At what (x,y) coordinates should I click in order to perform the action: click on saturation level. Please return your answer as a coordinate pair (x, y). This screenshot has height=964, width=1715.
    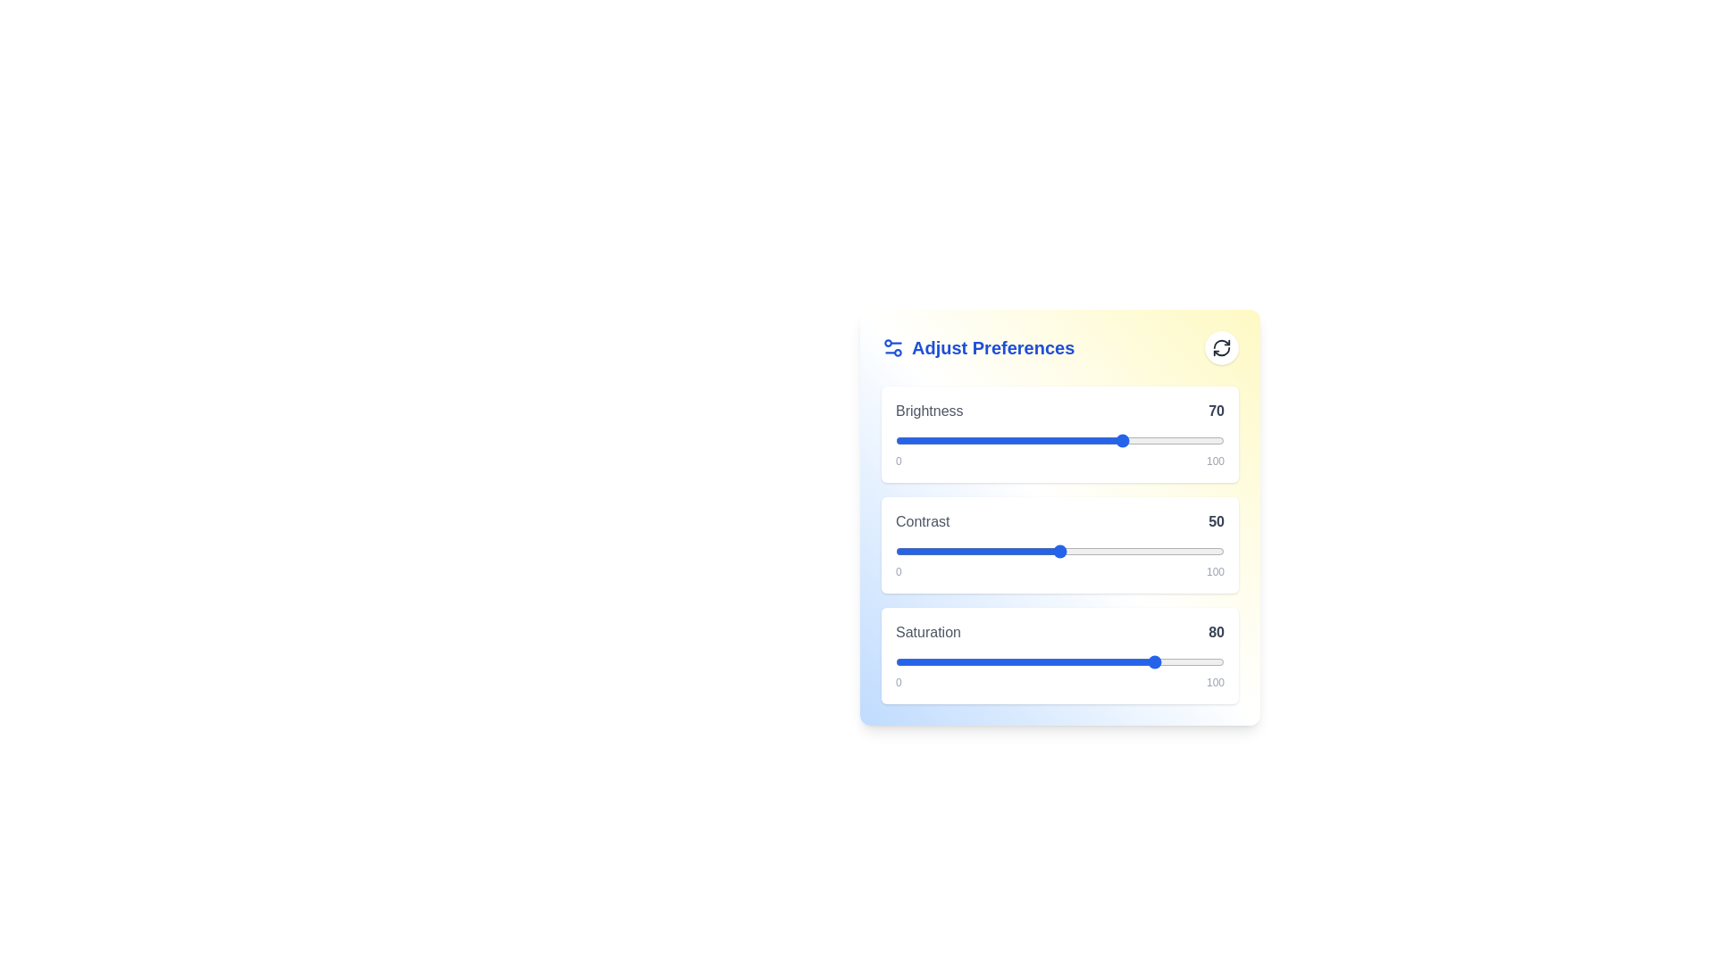
    Looking at the image, I should click on (1085, 661).